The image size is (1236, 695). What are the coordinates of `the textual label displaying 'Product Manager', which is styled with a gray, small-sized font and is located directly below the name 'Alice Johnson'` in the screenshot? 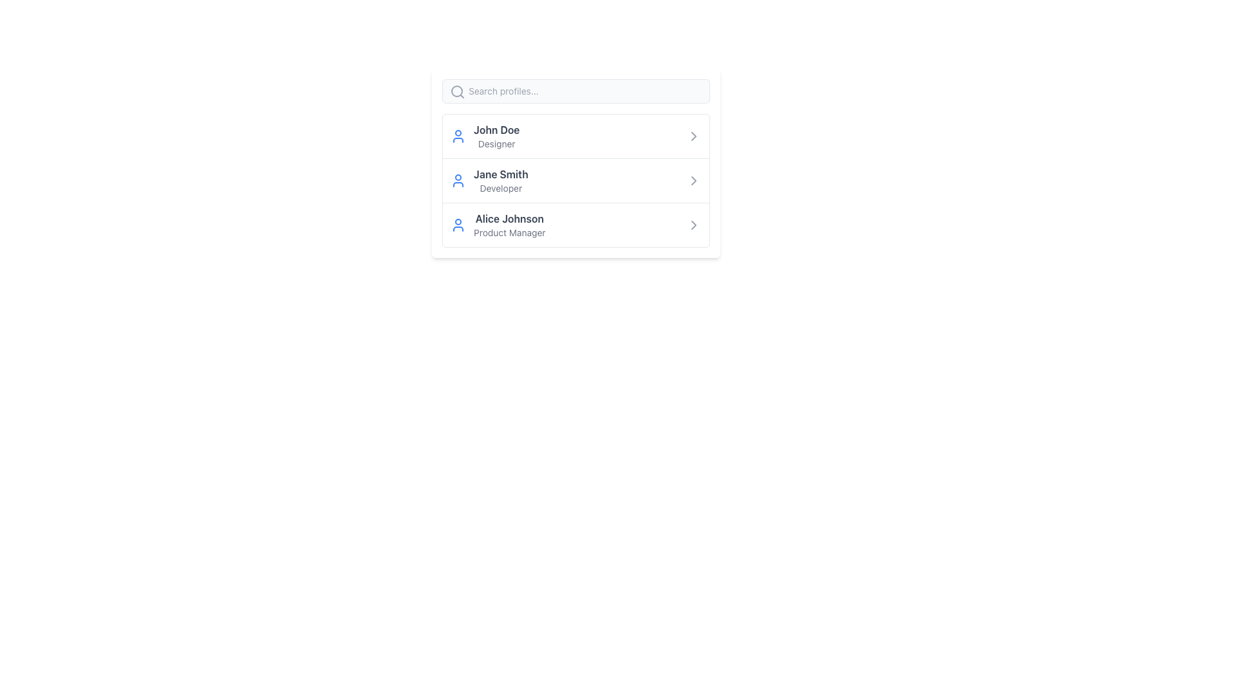 It's located at (509, 233).